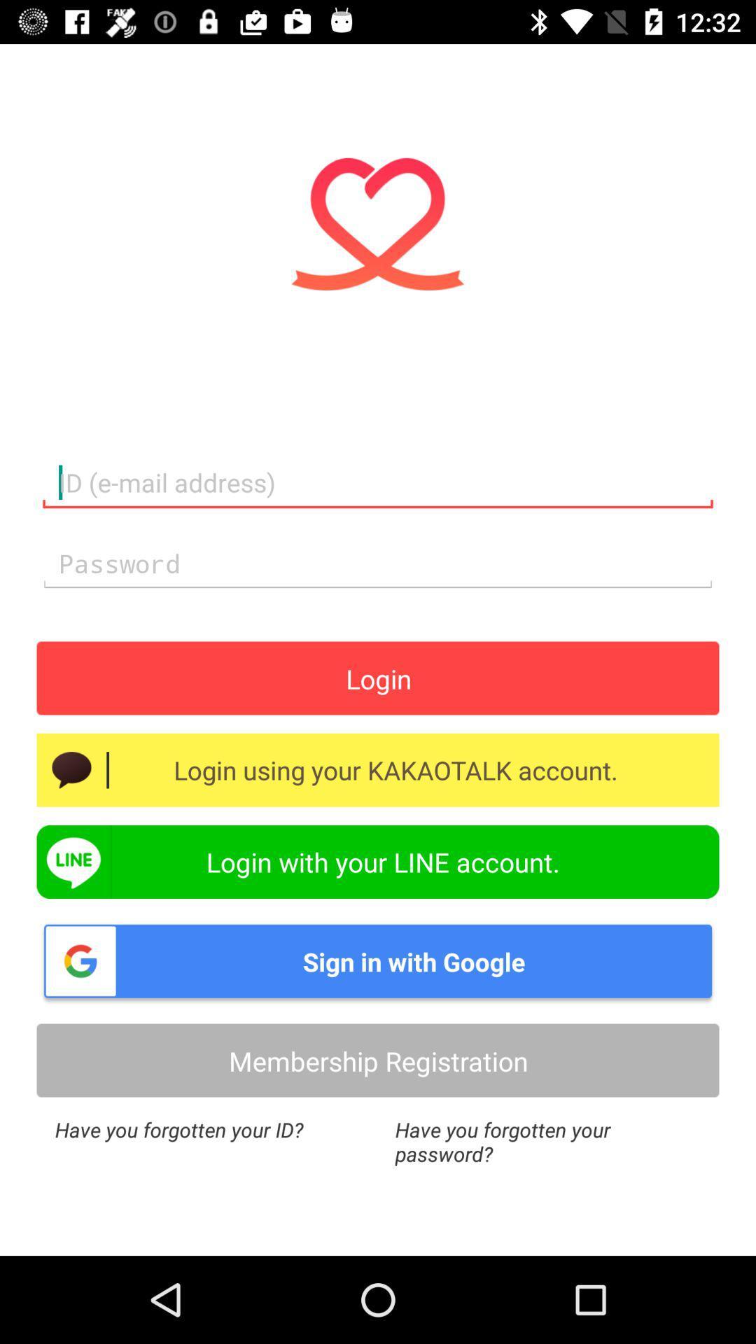 The width and height of the screenshot is (756, 1344). Describe the element at coordinates (378, 678) in the screenshot. I see `login option` at that location.